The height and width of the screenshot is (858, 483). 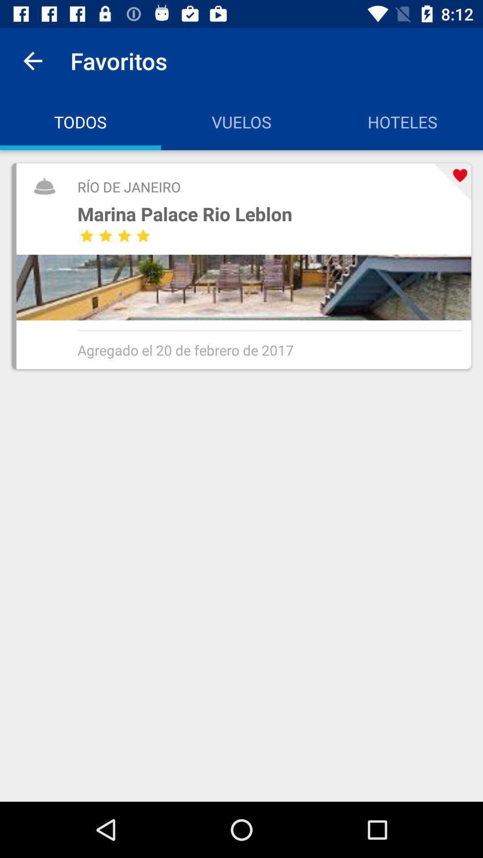 I want to click on icon to the left of favoritos, so click(x=32, y=60).